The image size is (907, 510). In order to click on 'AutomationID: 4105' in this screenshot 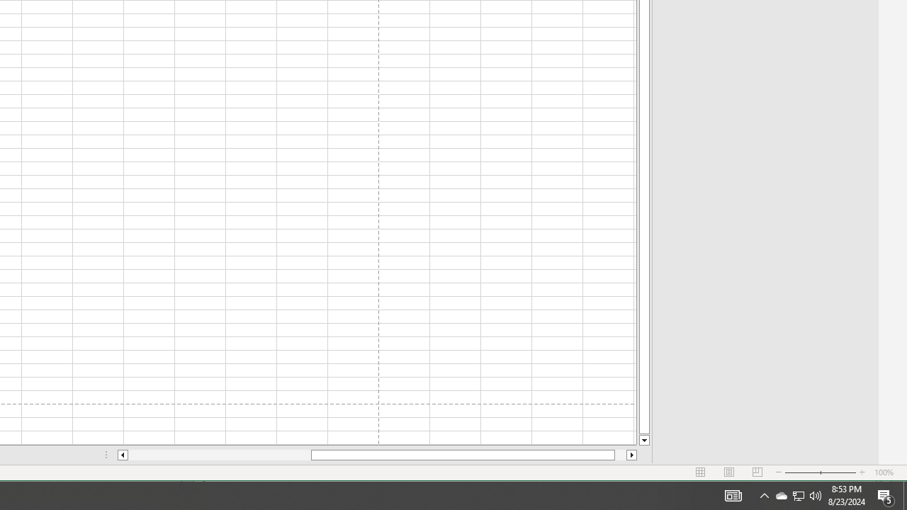, I will do `click(733, 494)`.